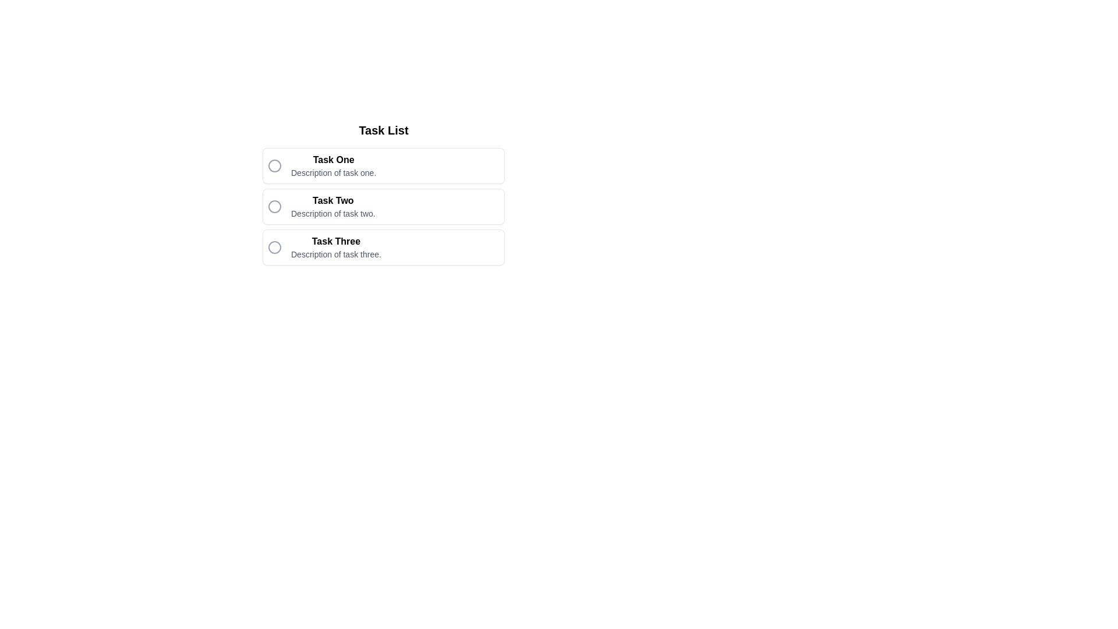  I want to click on the leftmost radio button in the top row, so click(274, 166).